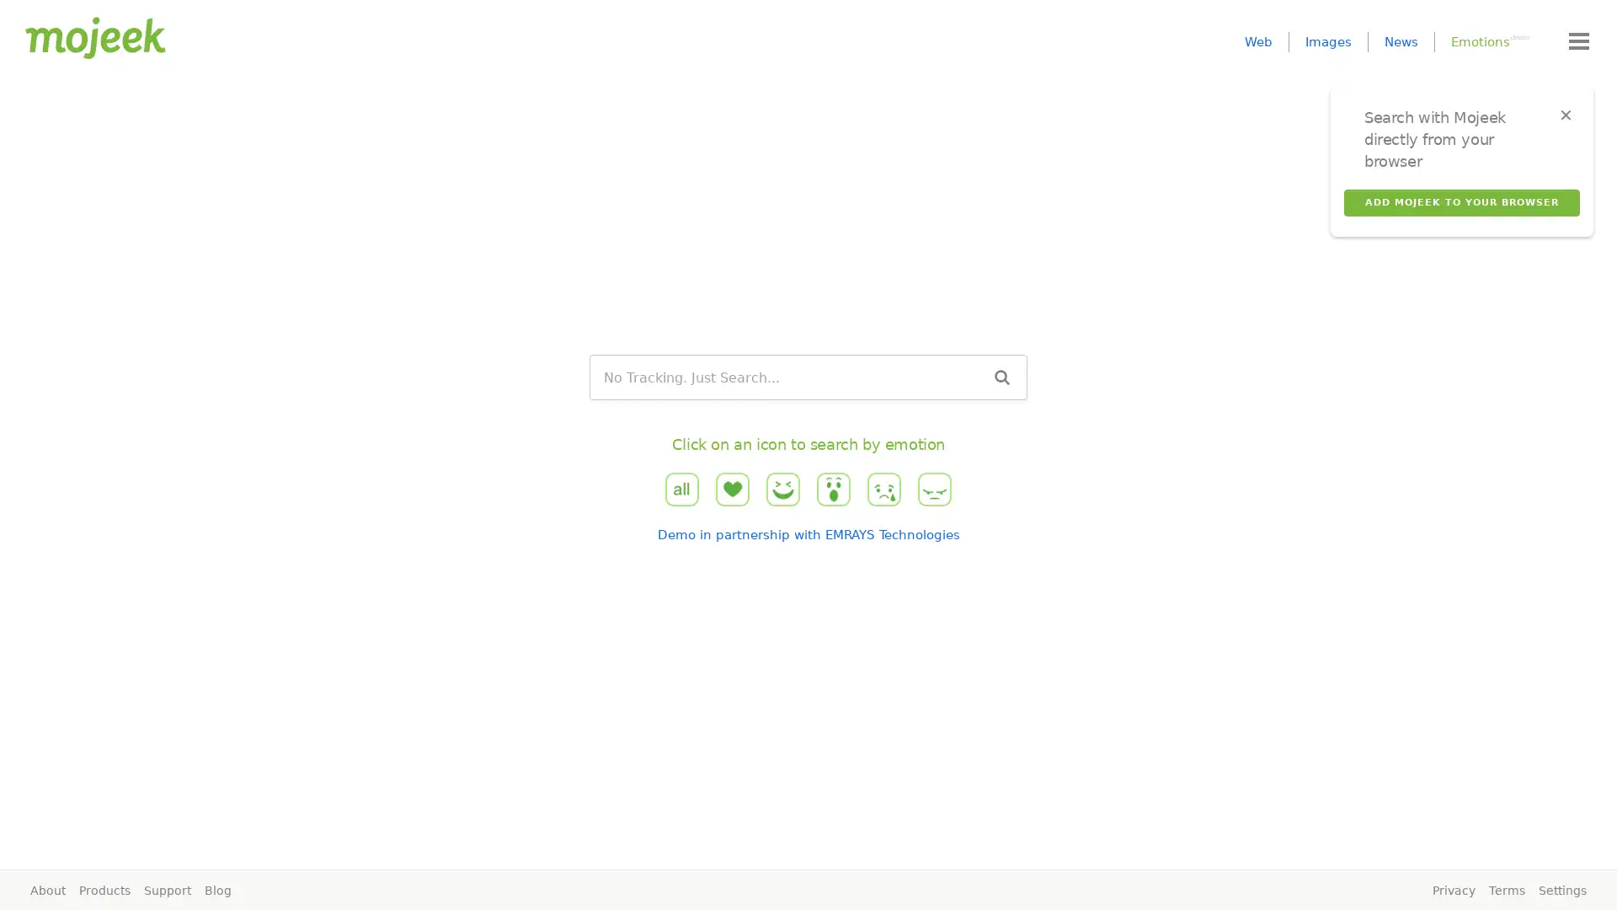 The height and width of the screenshot is (910, 1617). What do you see at coordinates (883, 490) in the screenshot?
I see `sad` at bounding box center [883, 490].